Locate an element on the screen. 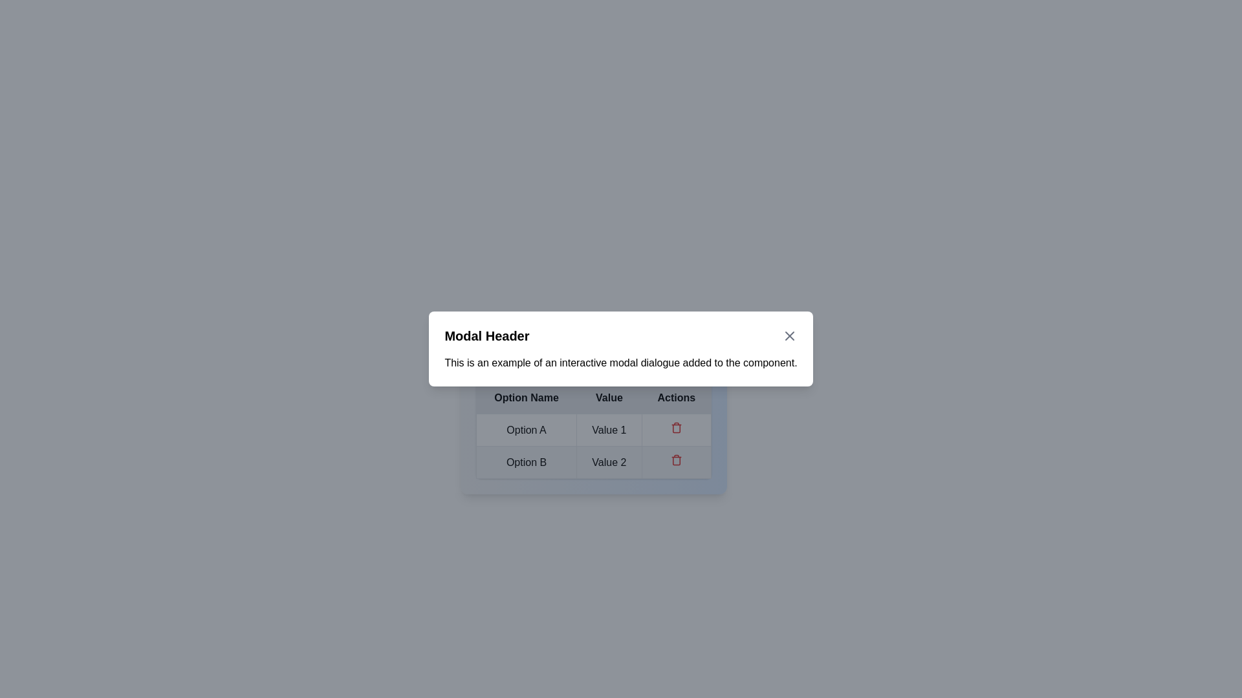 The height and width of the screenshot is (698, 1242). the static text label displaying the value for 'Option A' in the middle column of its row is located at coordinates (608, 430).